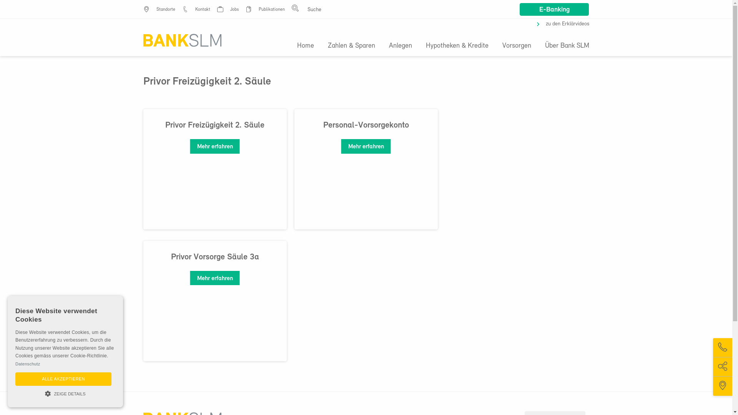 This screenshot has height=415, width=738. Describe the element at coordinates (181, 40) in the screenshot. I see `'Bank SLM'` at that location.